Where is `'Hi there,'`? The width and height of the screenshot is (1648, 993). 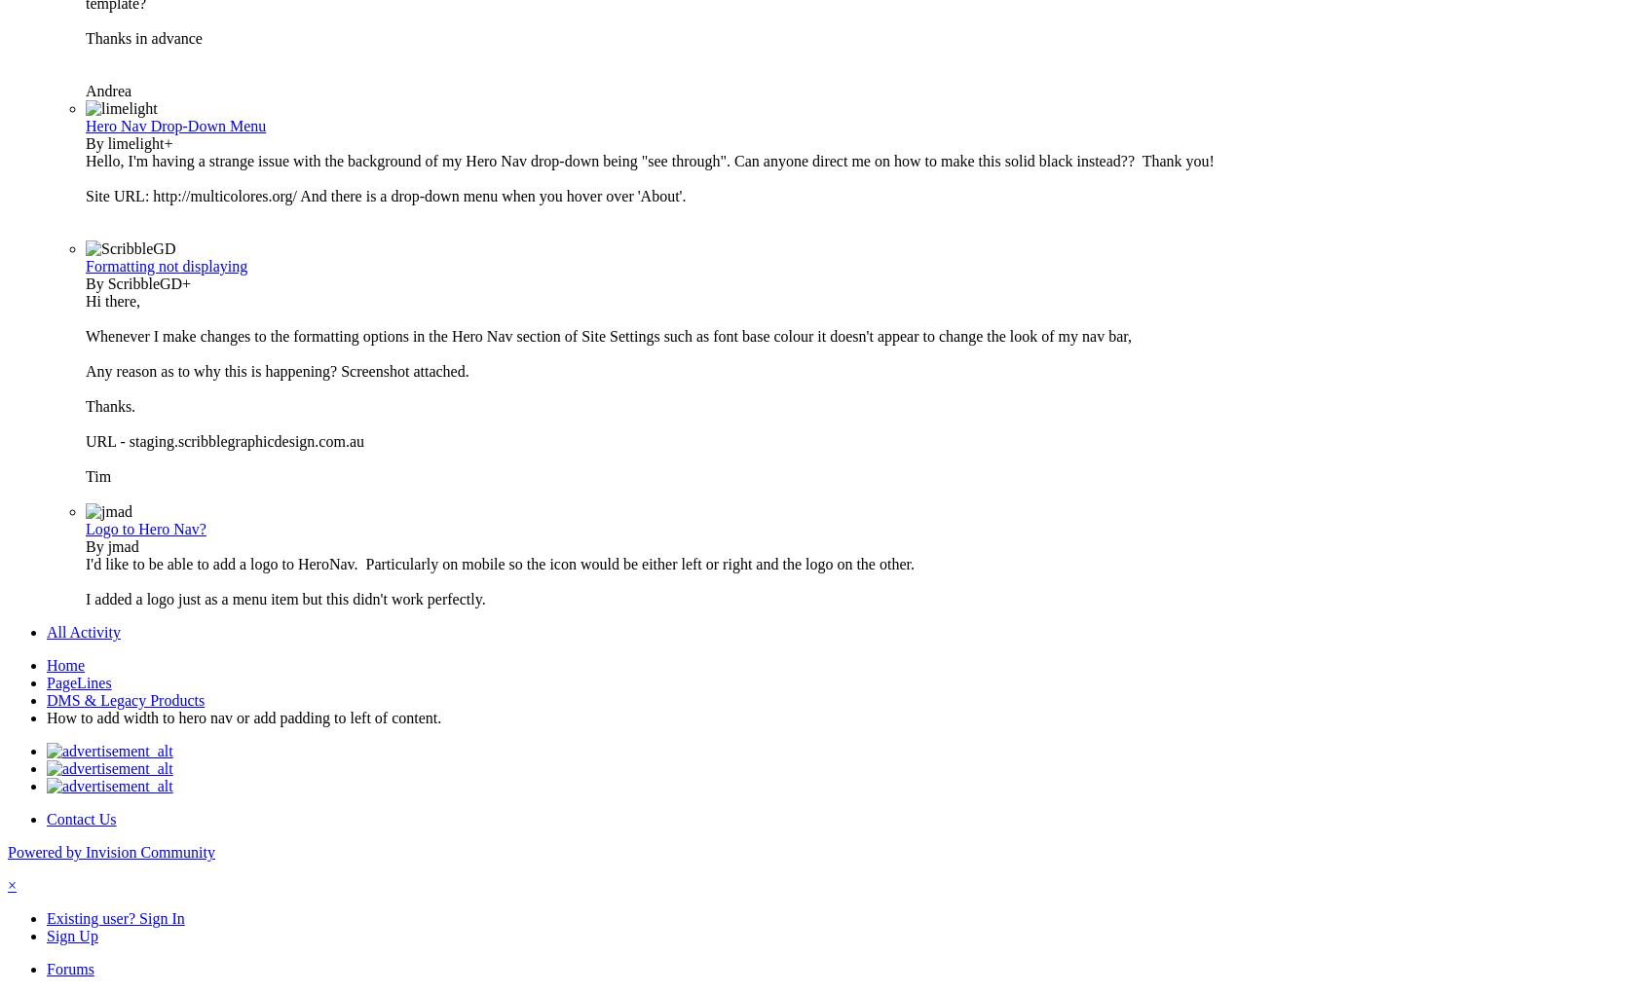
'Hi there,' is located at coordinates (112, 301).